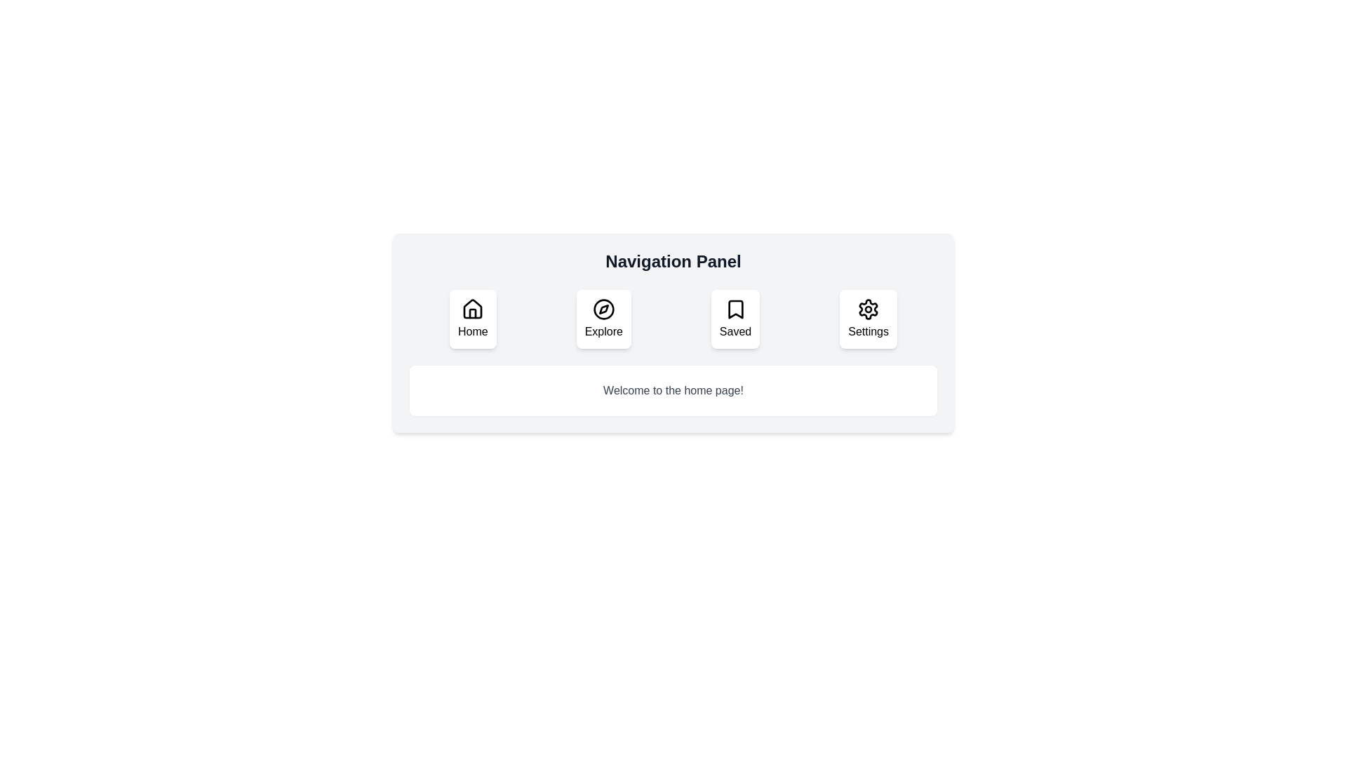 The image size is (1347, 758). I want to click on 'Home' text label, which serves as a navigation button identifier positioned below the house icon in the first navigation card, so click(473, 332).